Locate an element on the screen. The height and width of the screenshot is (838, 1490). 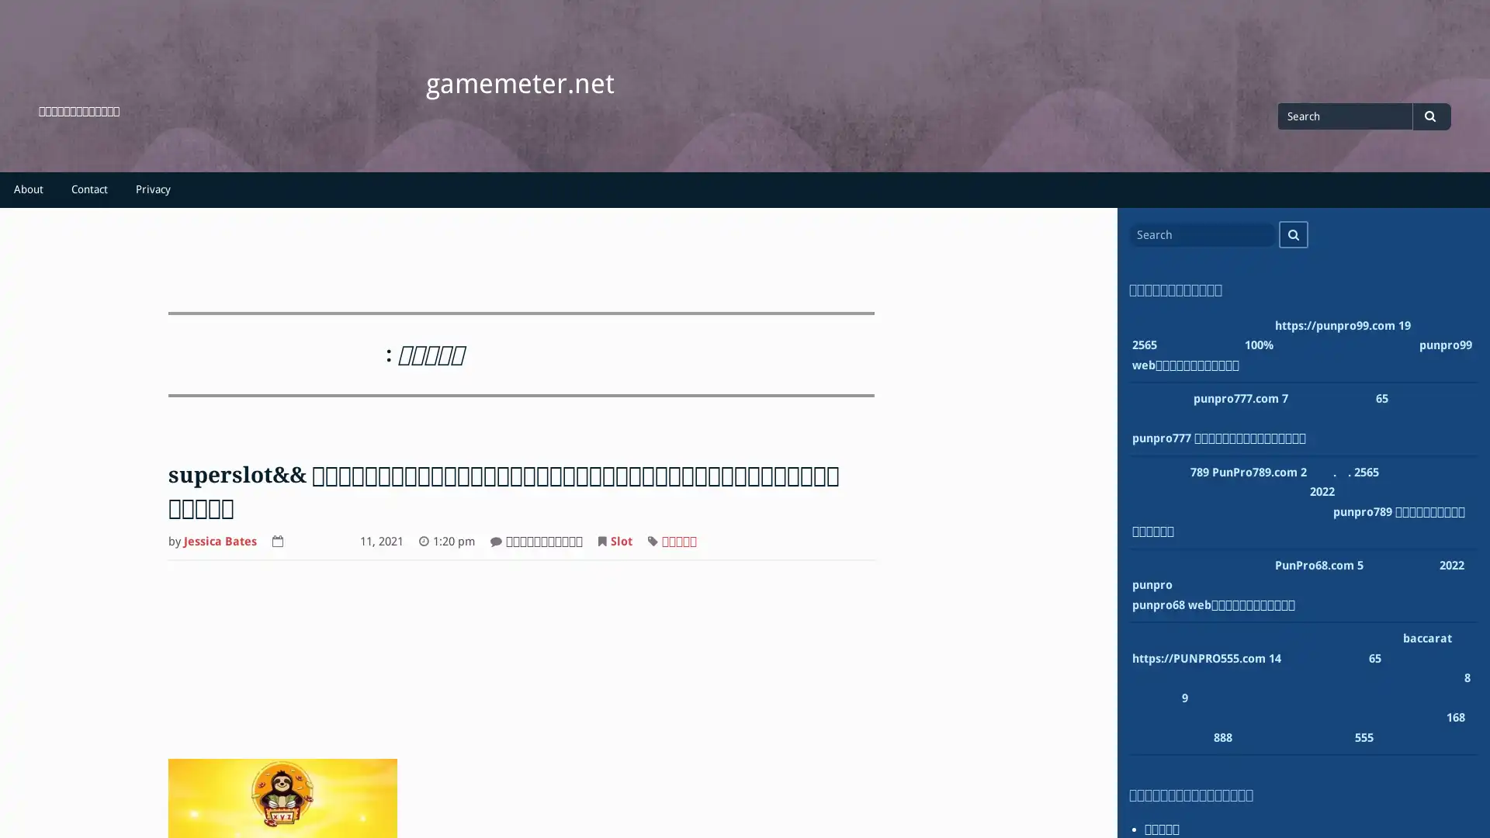
Search is located at coordinates (1293, 234).